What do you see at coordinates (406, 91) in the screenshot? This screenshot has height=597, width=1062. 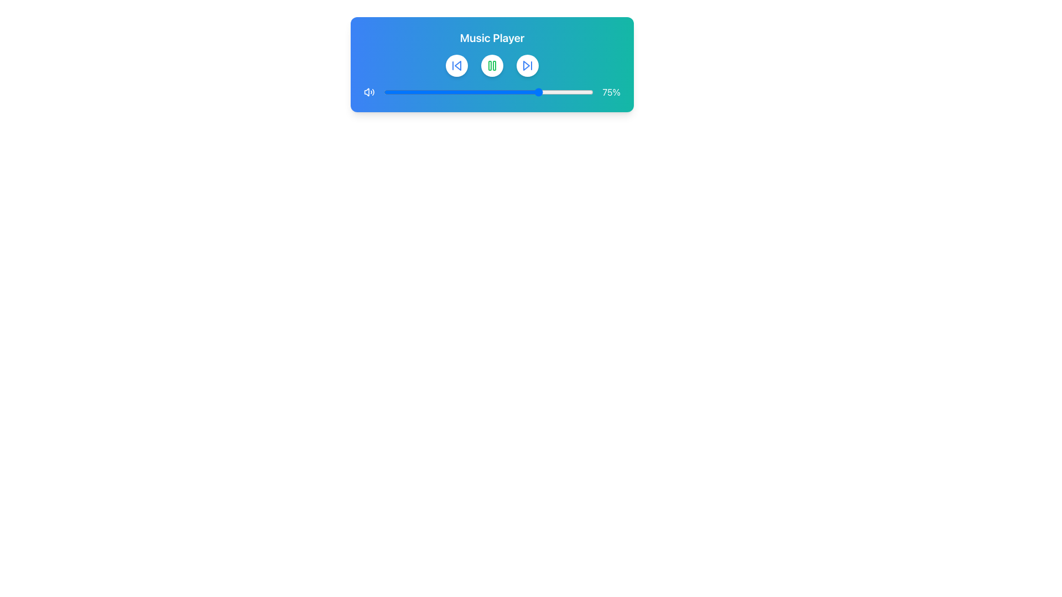 I see `the slider` at bounding box center [406, 91].